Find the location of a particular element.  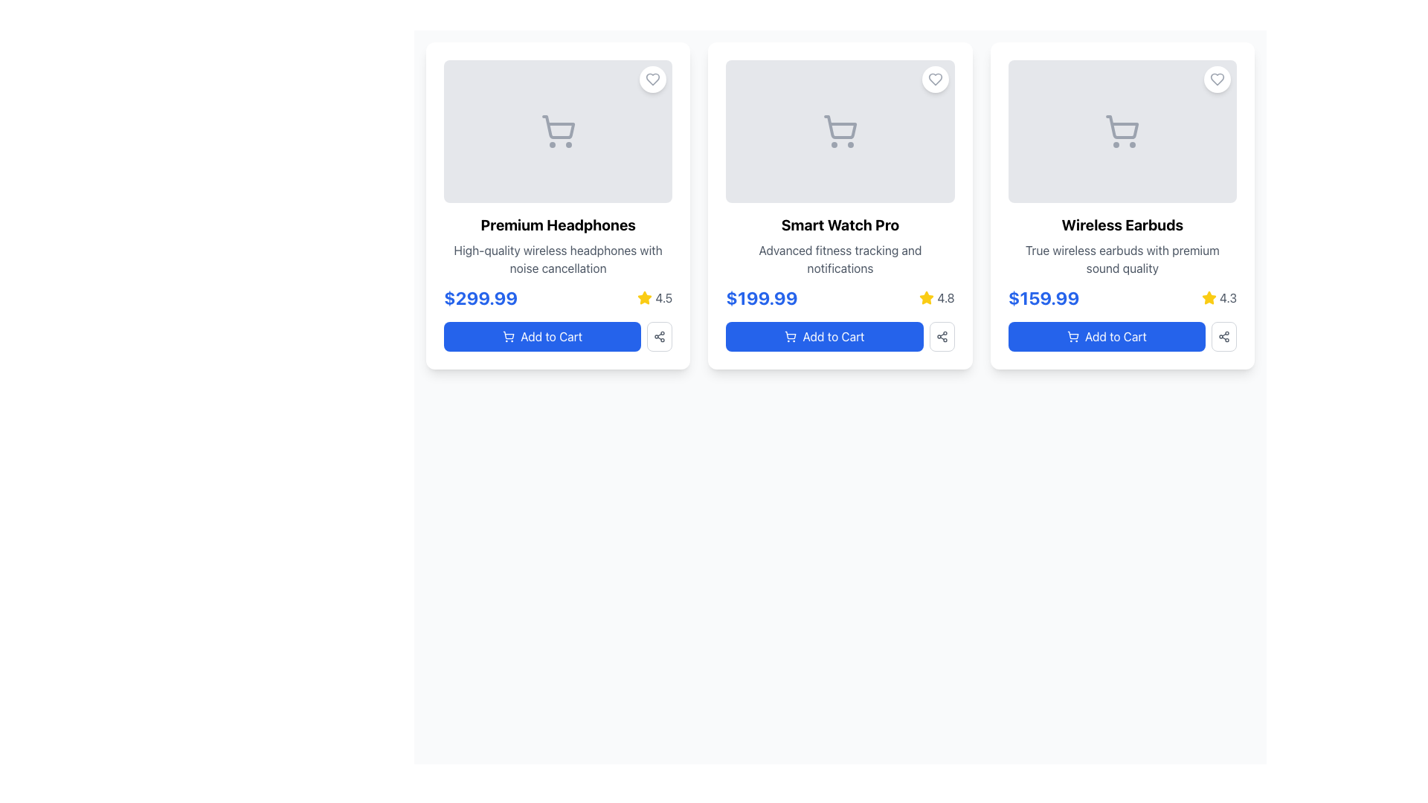

the heart-shaped button located at the top-right corner of the 'Wireless Earbuds' product card to mark or unmark it as a favorite is located at coordinates (1217, 80).